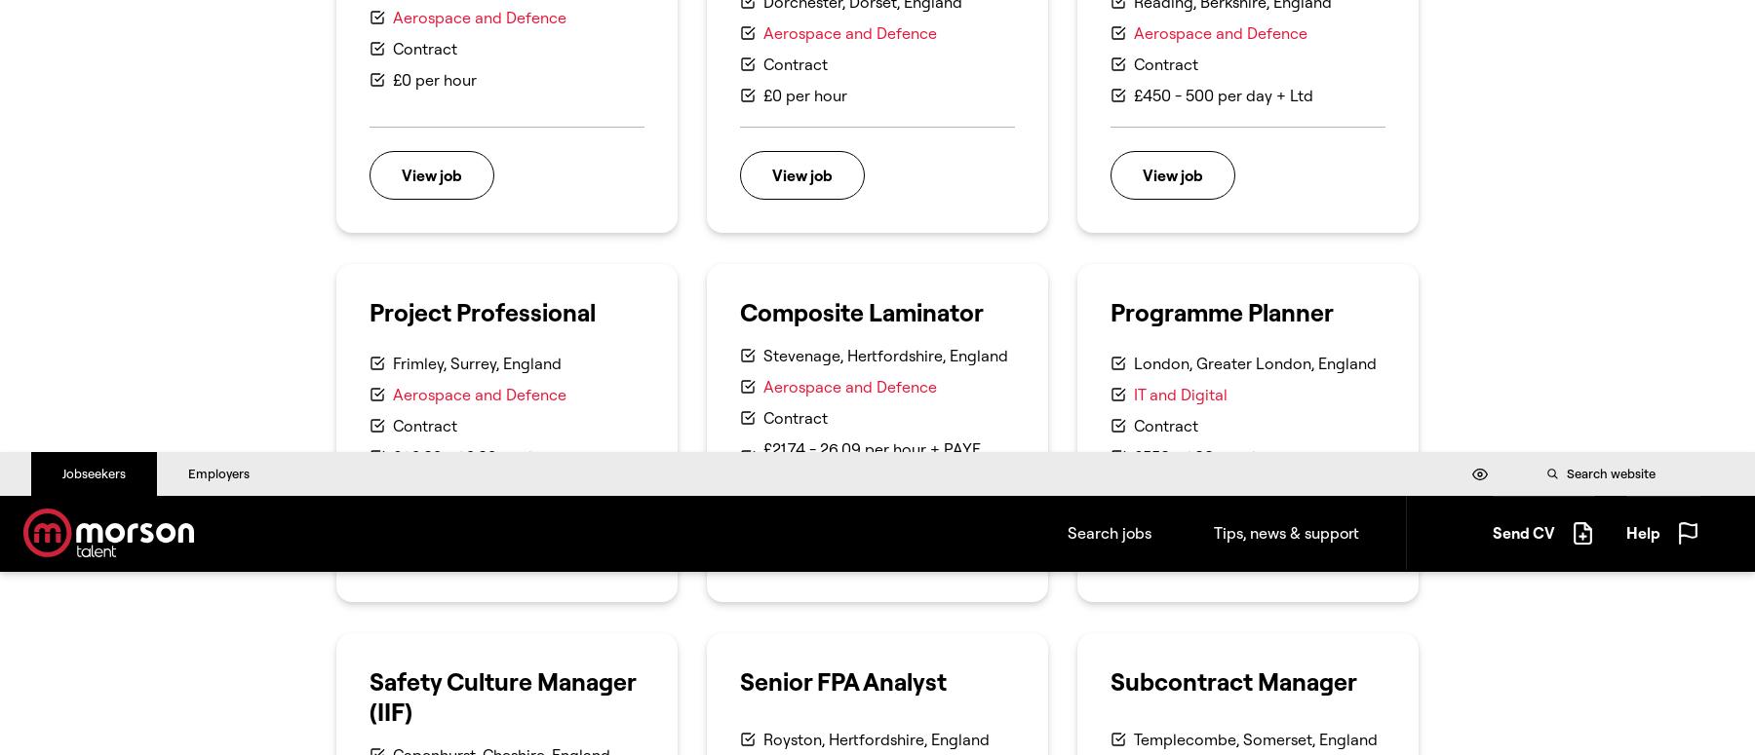 This screenshot has width=1755, height=755. What do you see at coordinates (1320, 222) in the screenshot?
I see `'Group Company Number: 5111937'` at bounding box center [1320, 222].